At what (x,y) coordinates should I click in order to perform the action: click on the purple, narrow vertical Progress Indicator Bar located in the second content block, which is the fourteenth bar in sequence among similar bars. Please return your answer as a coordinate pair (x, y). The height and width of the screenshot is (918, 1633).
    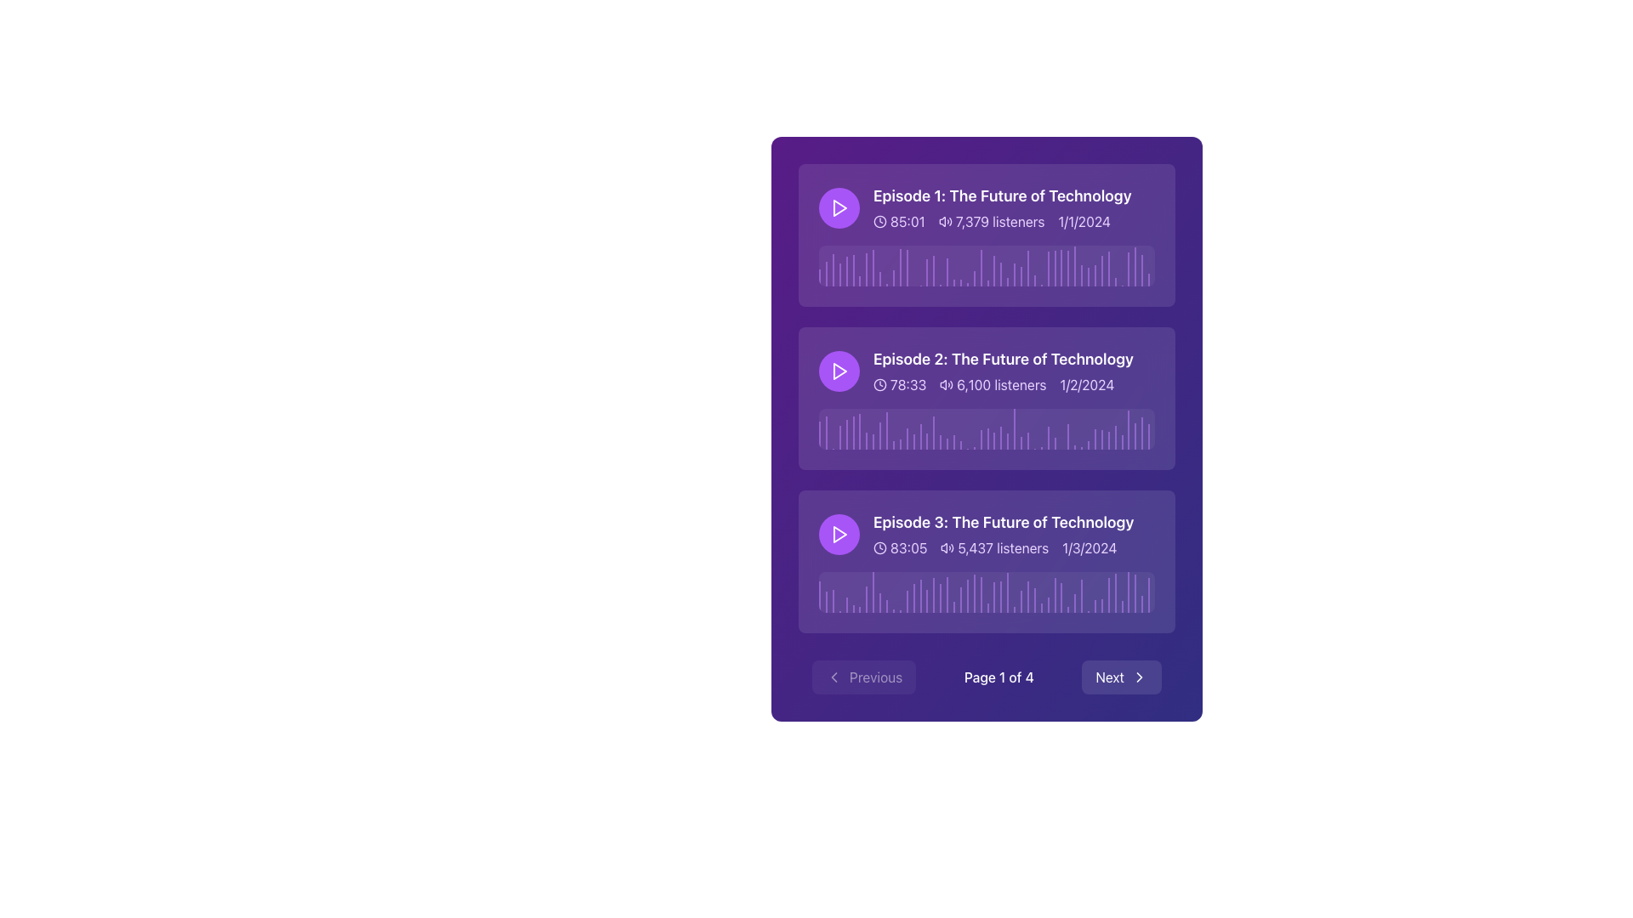
    Looking at the image, I should click on (940, 441).